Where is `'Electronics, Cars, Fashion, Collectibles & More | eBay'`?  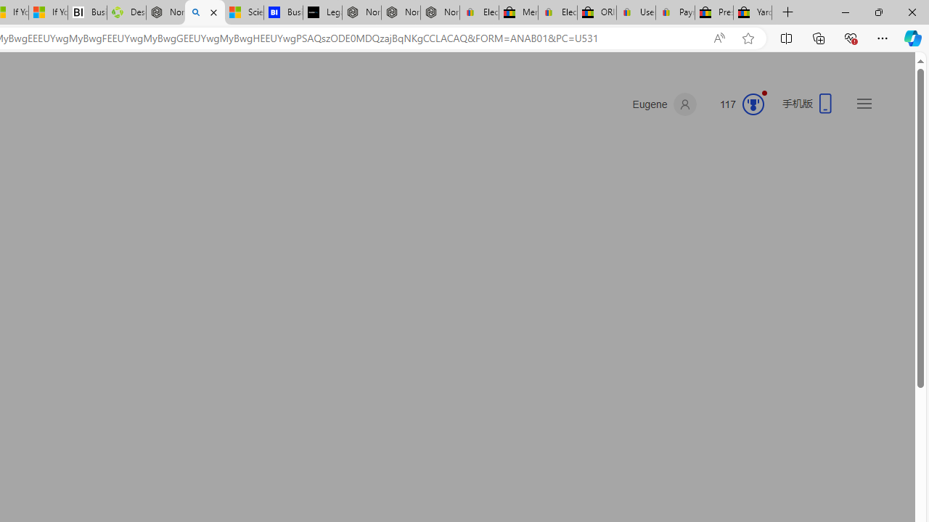 'Electronics, Cars, Fashion, Collectibles & More | eBay' is located at coordinates (557, 12).